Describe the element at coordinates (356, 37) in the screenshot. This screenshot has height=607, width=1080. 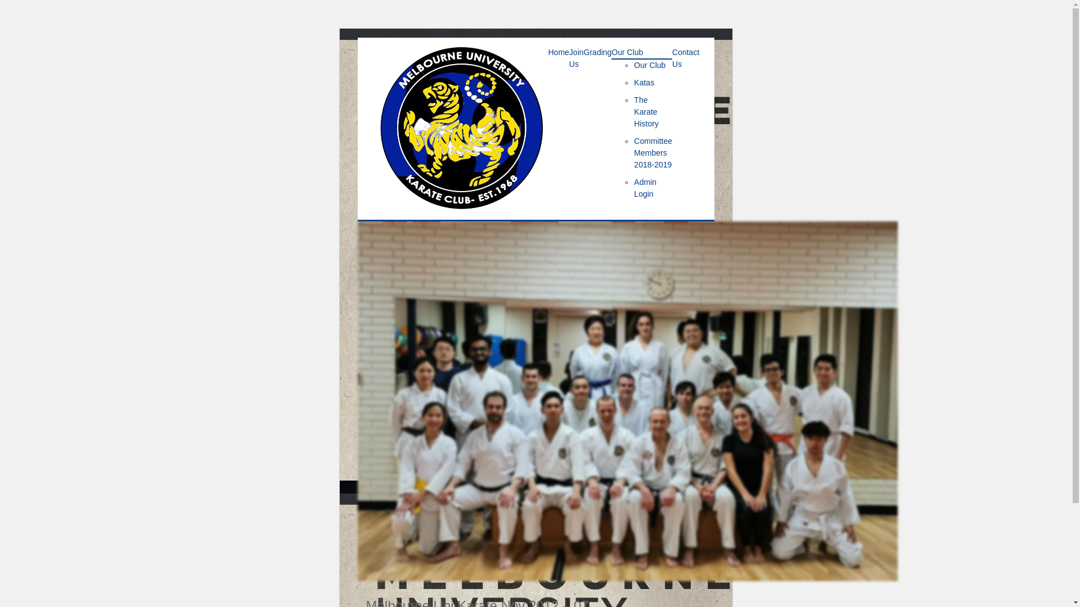
I see `'Skip to content'` at that location.